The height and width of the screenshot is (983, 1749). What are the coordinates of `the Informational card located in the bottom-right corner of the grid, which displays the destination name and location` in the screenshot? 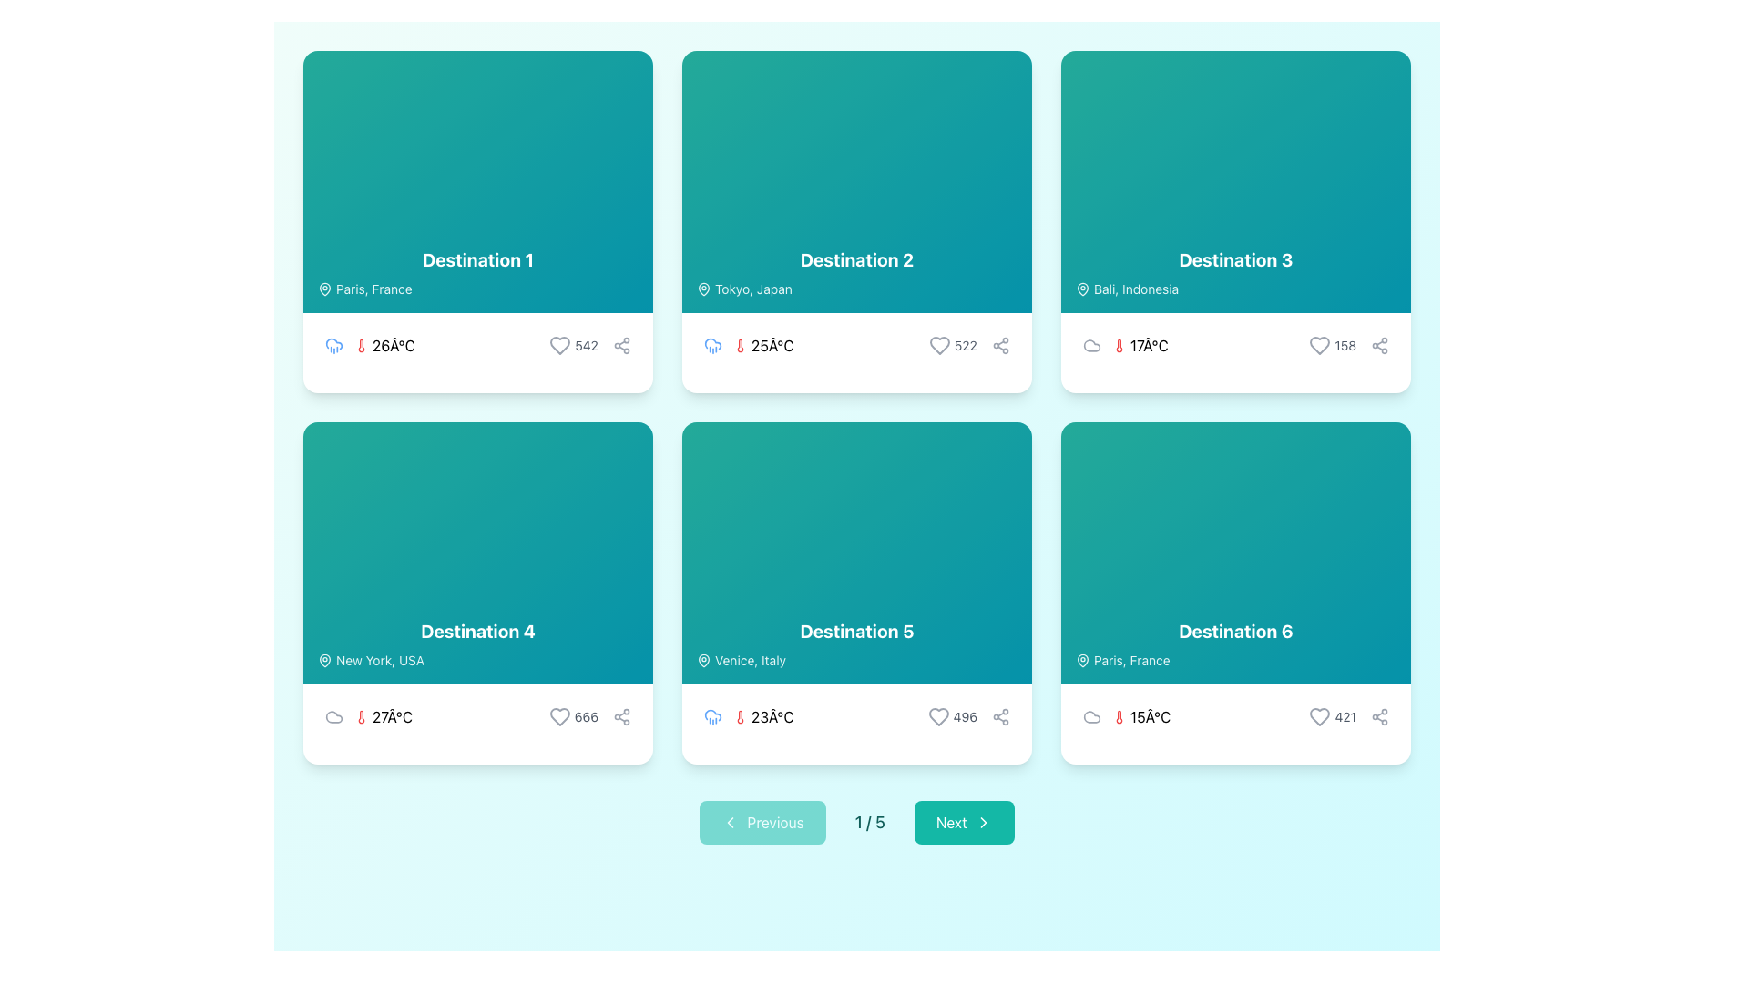 It's located at (1236, 552).